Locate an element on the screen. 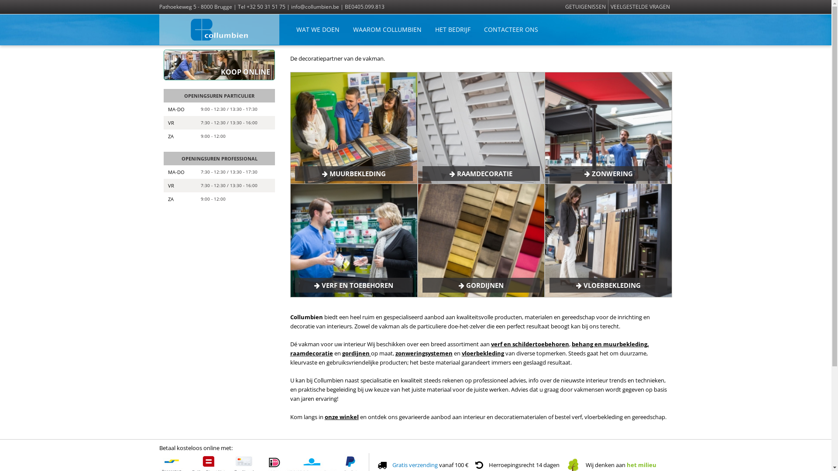 The height and width of the screenshot is (471, 838). 'Wij denken aan het milieu' is located at coordinates (611, 464).